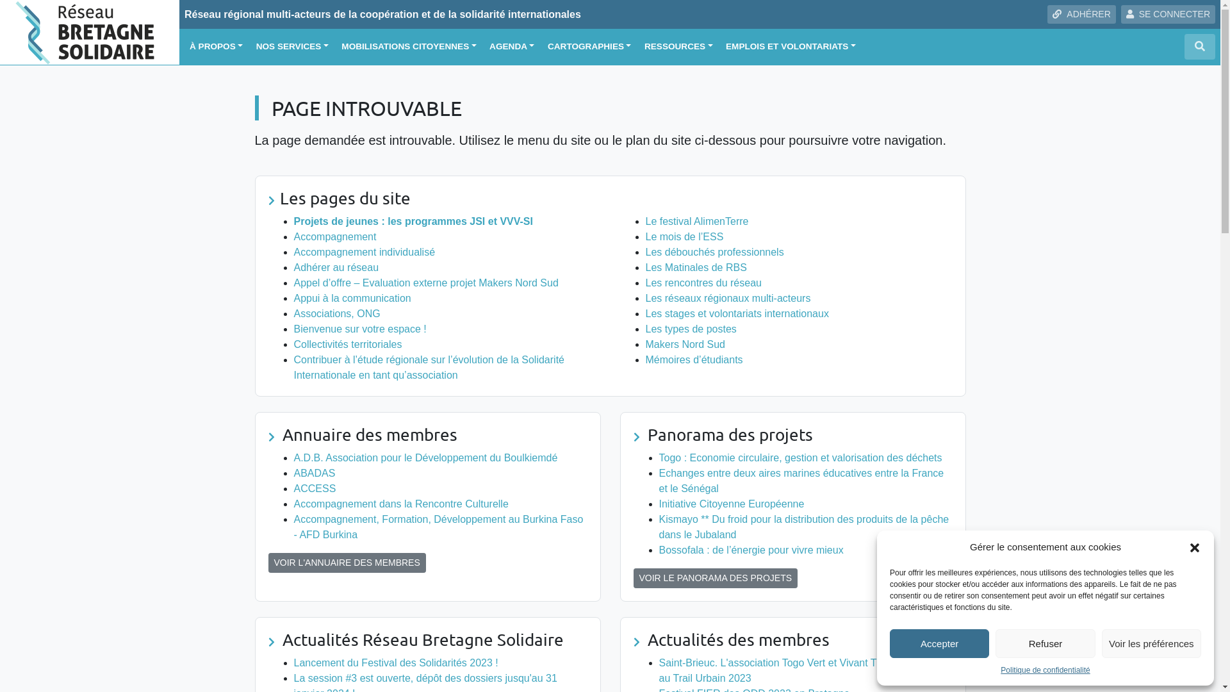 Image resolution: width=1230 pixels, height=692 pixels. I want to click on 'Accompagnement dans la Rencontre Culturelle', so click(400, 503).